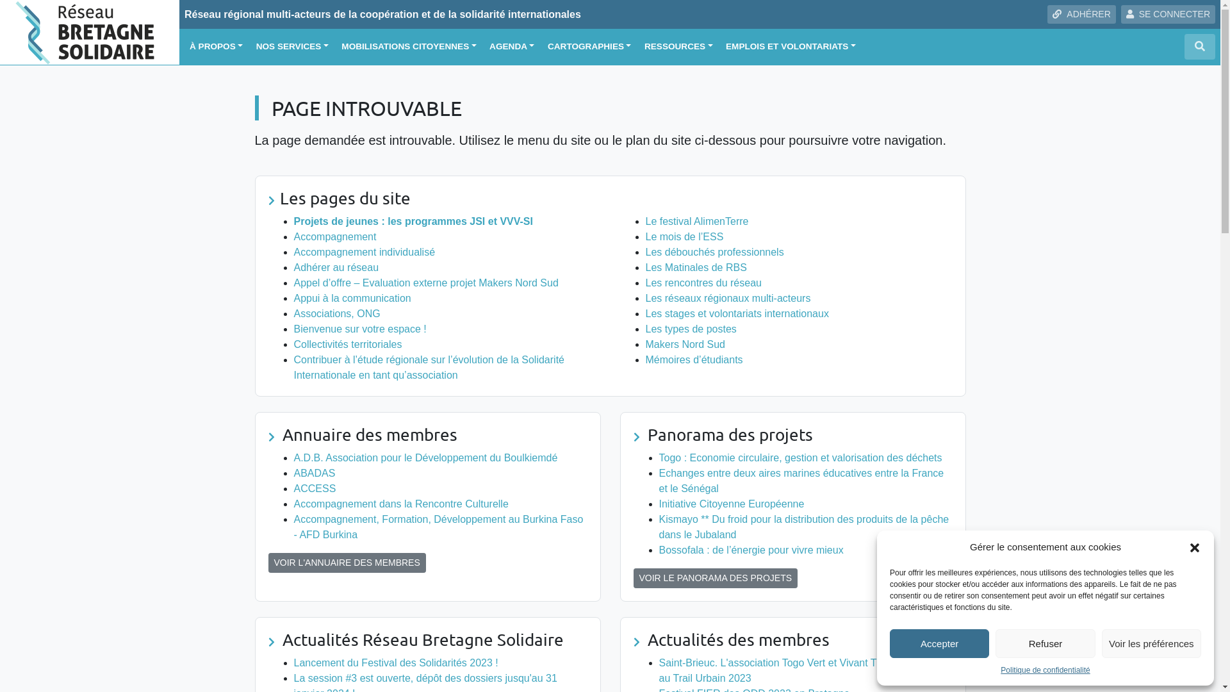 Image resolution: width=1230 pixels, height=692 pixels. I want to click on 'Accompagnement dans la Rencontre Culturelle', so click(400, 503).